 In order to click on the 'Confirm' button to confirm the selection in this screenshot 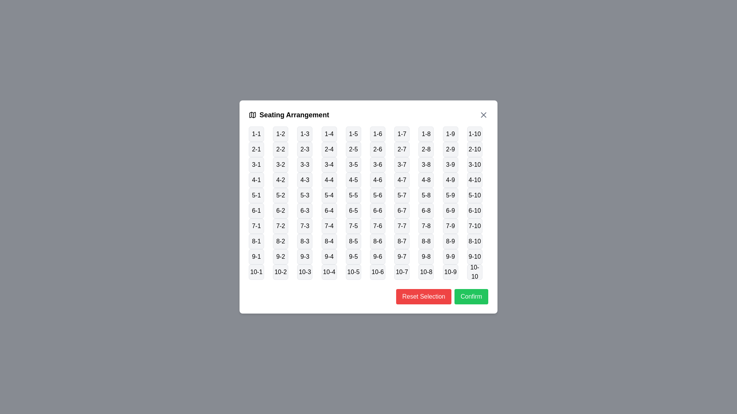, I will do `click(471, 296)`.